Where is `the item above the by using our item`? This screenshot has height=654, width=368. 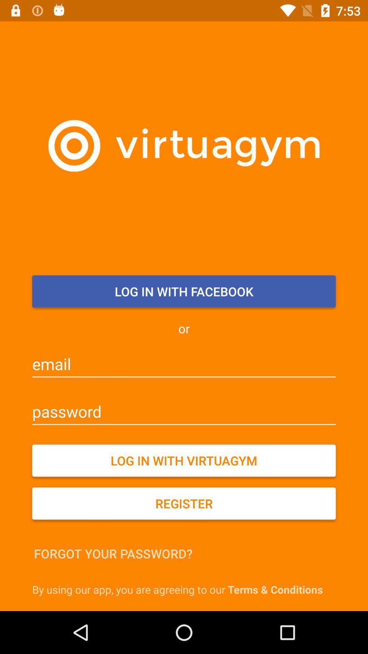
the item above the by using our item is located at coordinates (113, 554).